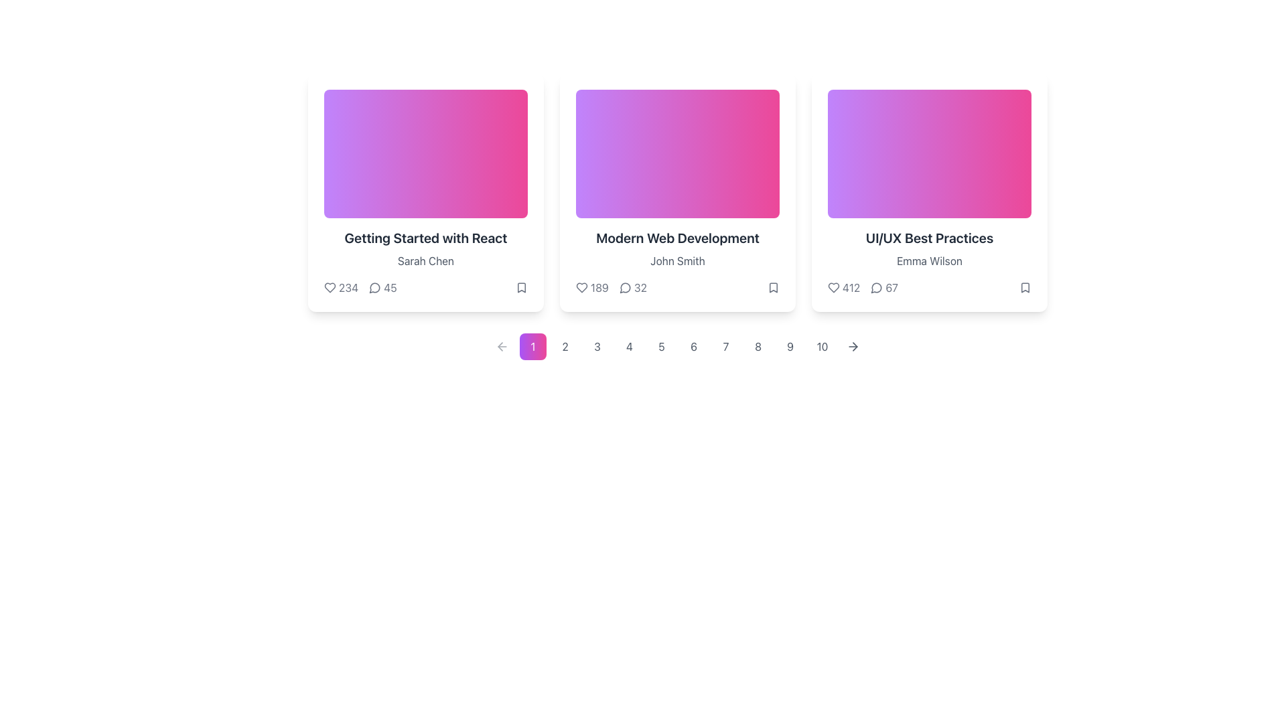 The image size is (1286, 723). What do you see at coordinates (876, 287) in the screenshot?
I see `the graphical representation of the comment indicator icon located in the UI/UX Best Practices card, which is the third card in a horizontal list` at bounding box center [876, 287].